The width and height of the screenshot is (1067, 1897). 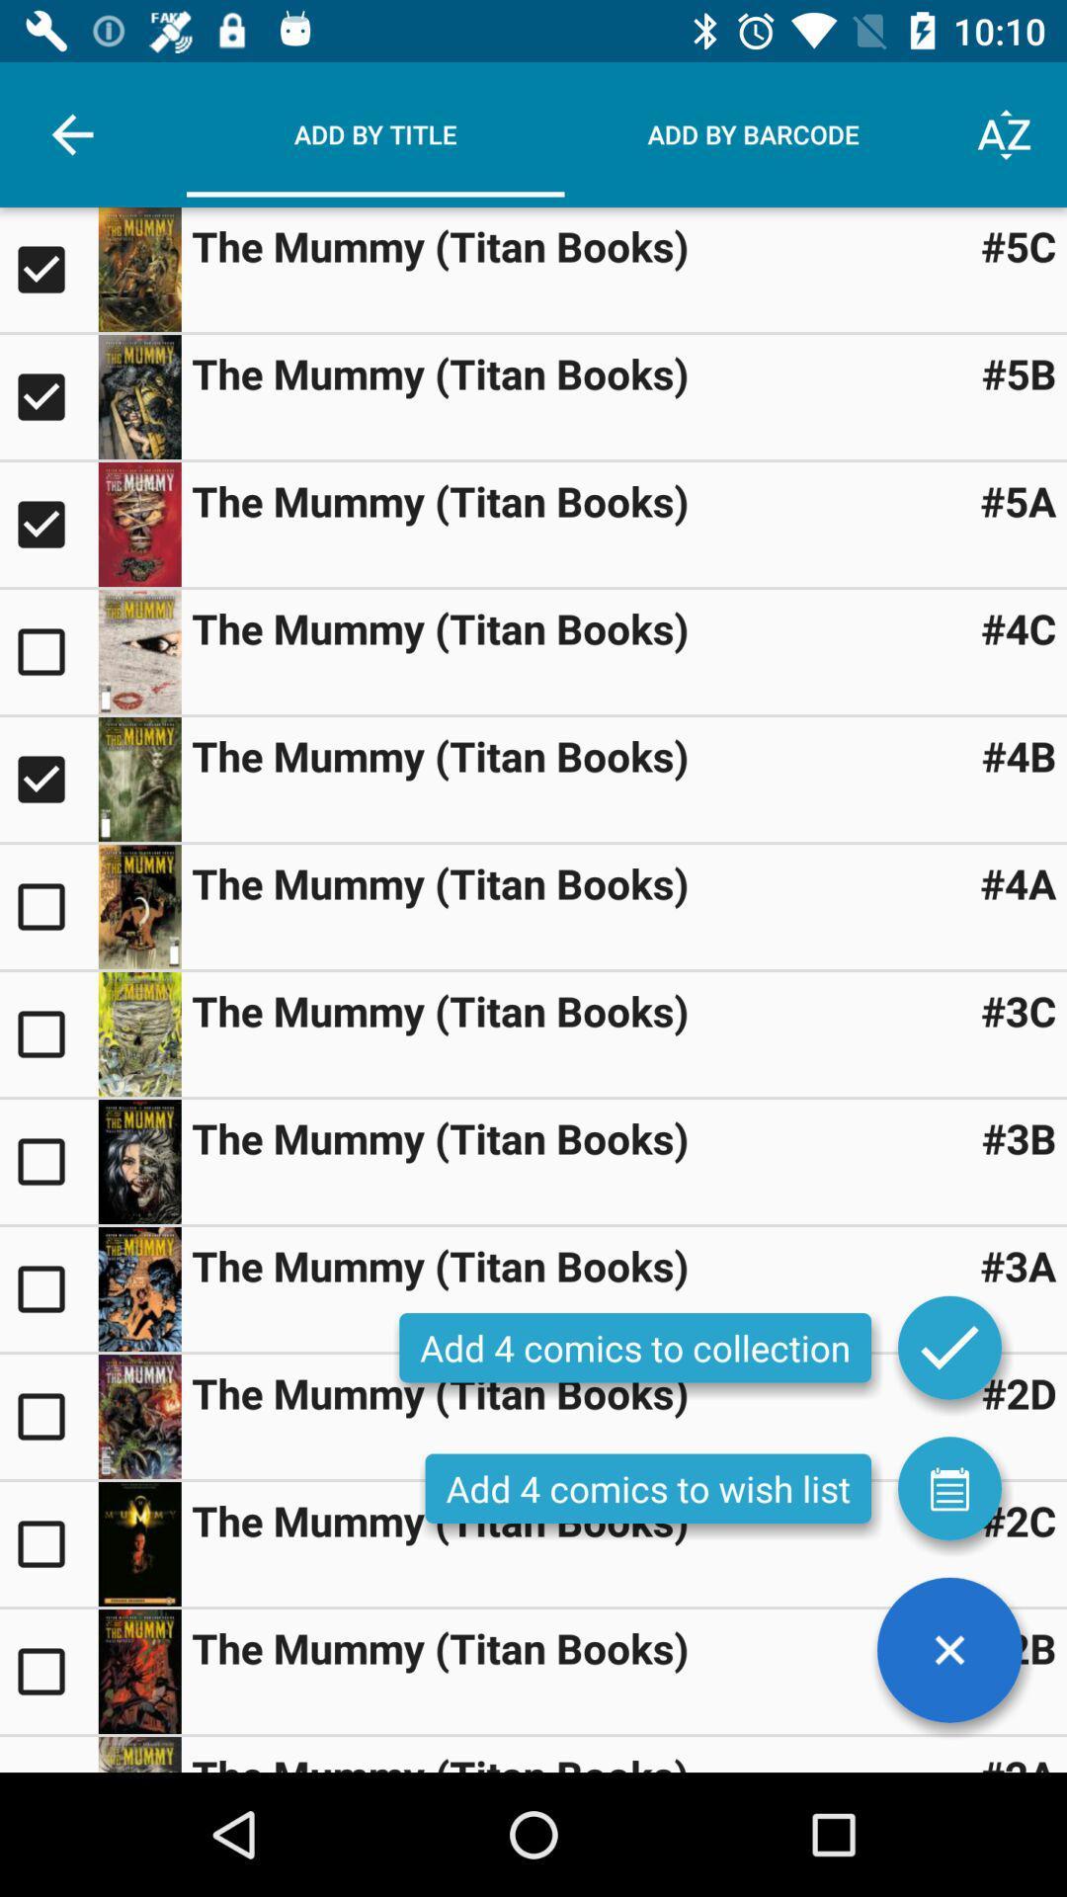 I want to click on icon above the mummy titan icon, so click(x=948, y=1650).